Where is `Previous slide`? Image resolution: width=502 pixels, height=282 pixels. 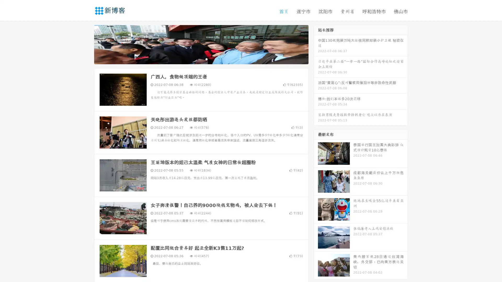
Previous slide is located at coordinates (86, 44).